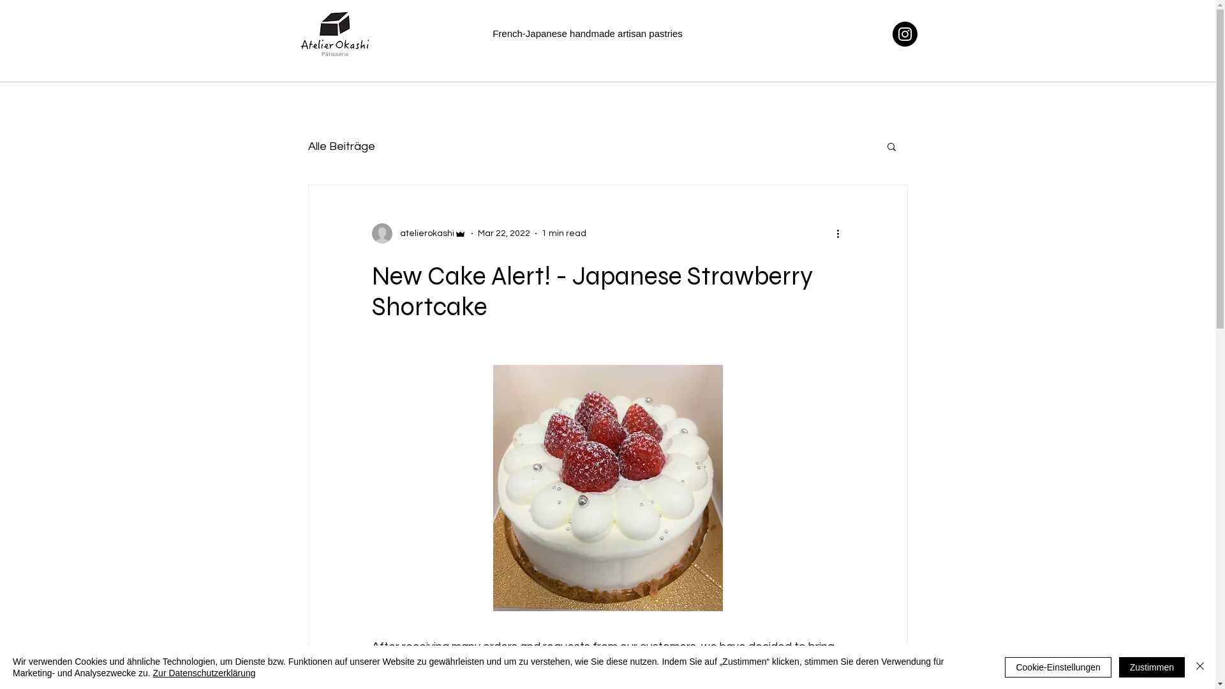 The height and width of the screenshot is (689, 1225). Describe the element at coordinates (1004, 666) in the screenshot. I see `'Cookie-Einstellungen'` at that location.